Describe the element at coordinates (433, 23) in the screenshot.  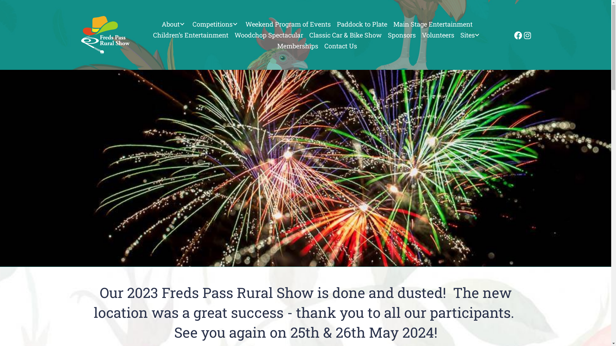
I see `'Main Stage Entertainment'` at that location.